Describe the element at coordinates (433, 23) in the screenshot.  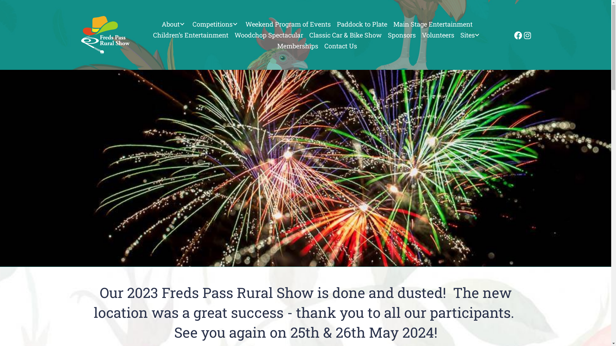
I see `'Main Stage Entertainment'` at that location.